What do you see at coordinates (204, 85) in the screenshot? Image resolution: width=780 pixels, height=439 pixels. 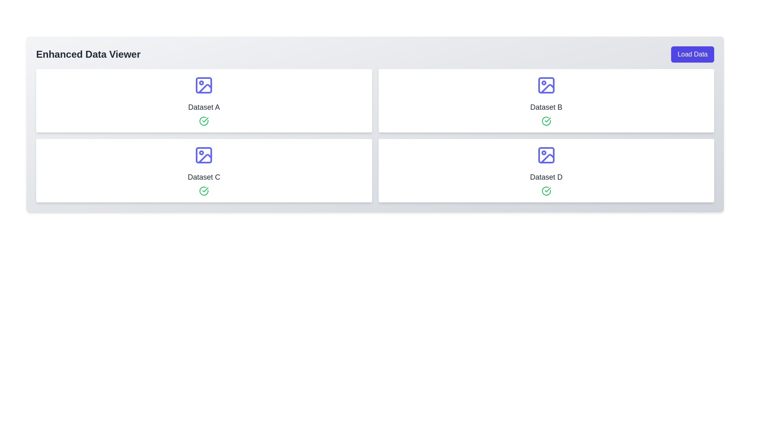 I see `the SVG graphic icon representing 'Dataset A', which is centrally located above the text label and the green checkmark icon` at bounding box center [204, 85].